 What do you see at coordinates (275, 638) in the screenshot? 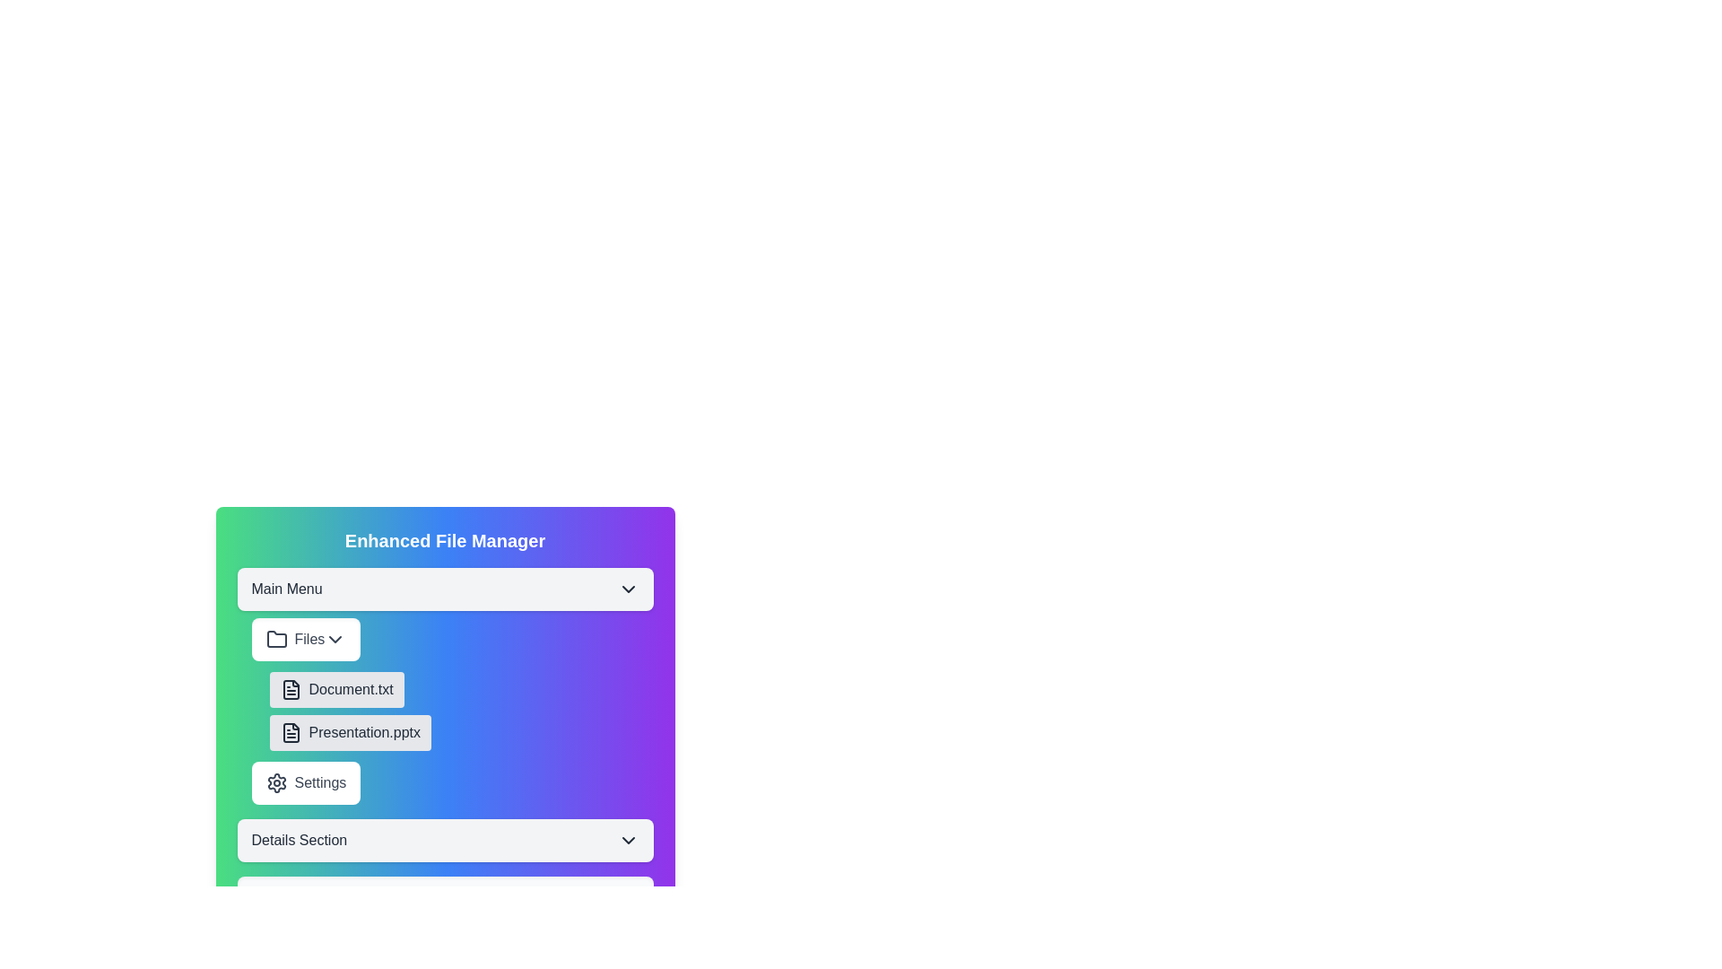
I see `the folder icon in the file management system, located at the top of the documents and settings list, adjacent to the 'Files' dropdown menu` at bounding box center [275, 638].